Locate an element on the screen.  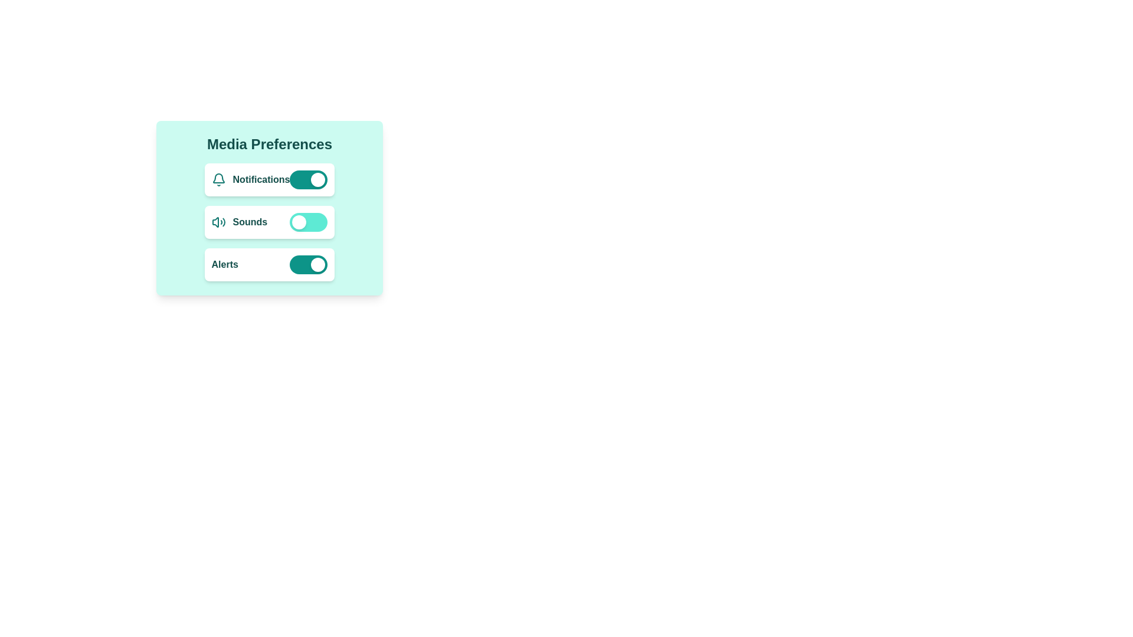
the sound settings icon located in the 'Sounds' row, which is the first item in a horizontal arrangement between the text label 'Sounds' and its toggle switch is located at coordinates (218, 222).